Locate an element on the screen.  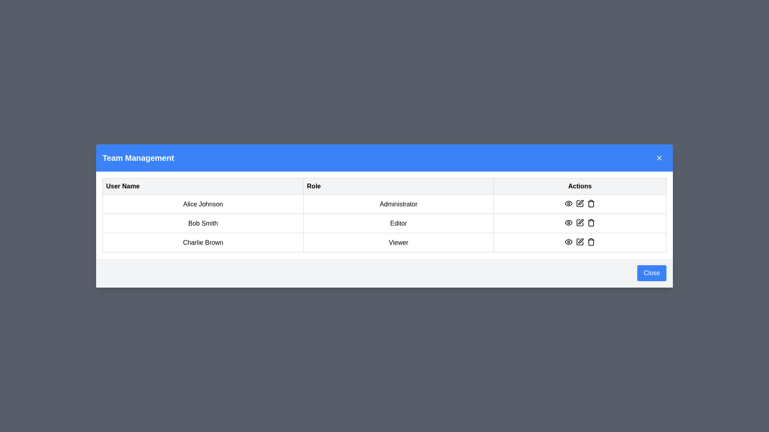
the trash can icon in the 'Actions' column of the second row of the table is located at coordinates (591, 203).